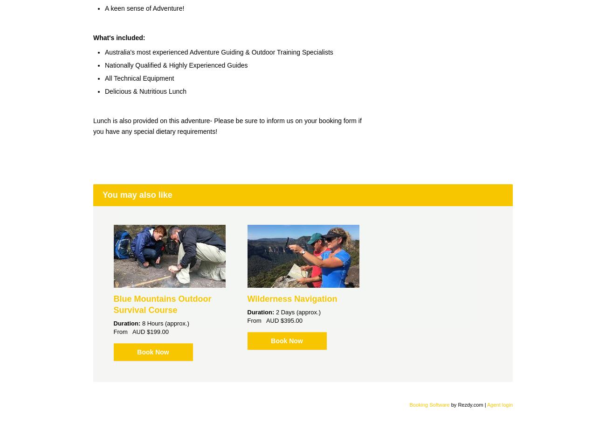 This screenshot has height=430, width=606. I want to click on '8 Hours                        (approx.)', so click(141, 323).